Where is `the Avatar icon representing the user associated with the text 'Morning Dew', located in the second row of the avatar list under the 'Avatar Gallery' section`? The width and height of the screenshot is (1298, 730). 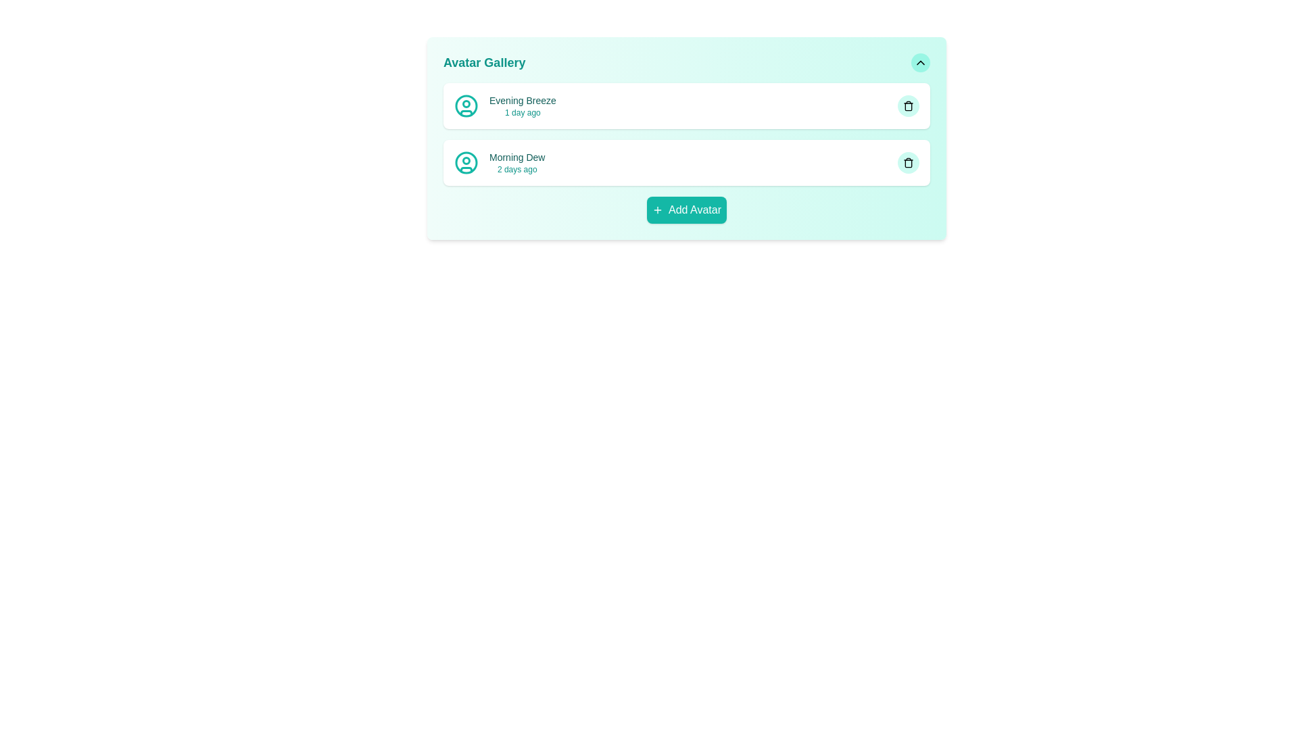
the Avatar icon representing the user associated with the text 'Morning Dew', located in the second row of the avatar list under the 'Avatar Gallery' section is located at coordinates (466, 162).